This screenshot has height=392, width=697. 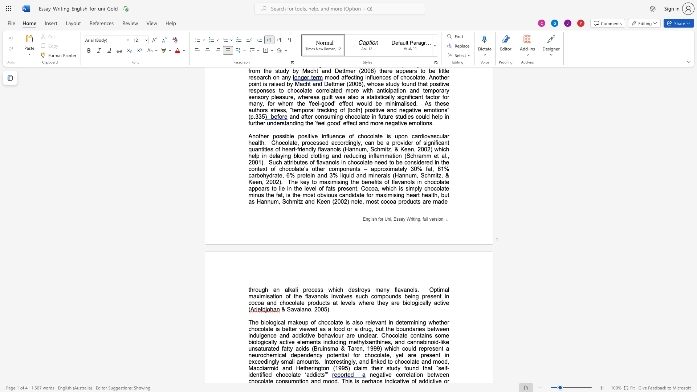 I want to click on the 3th character "s" in the text, so click(x=356, y=289).